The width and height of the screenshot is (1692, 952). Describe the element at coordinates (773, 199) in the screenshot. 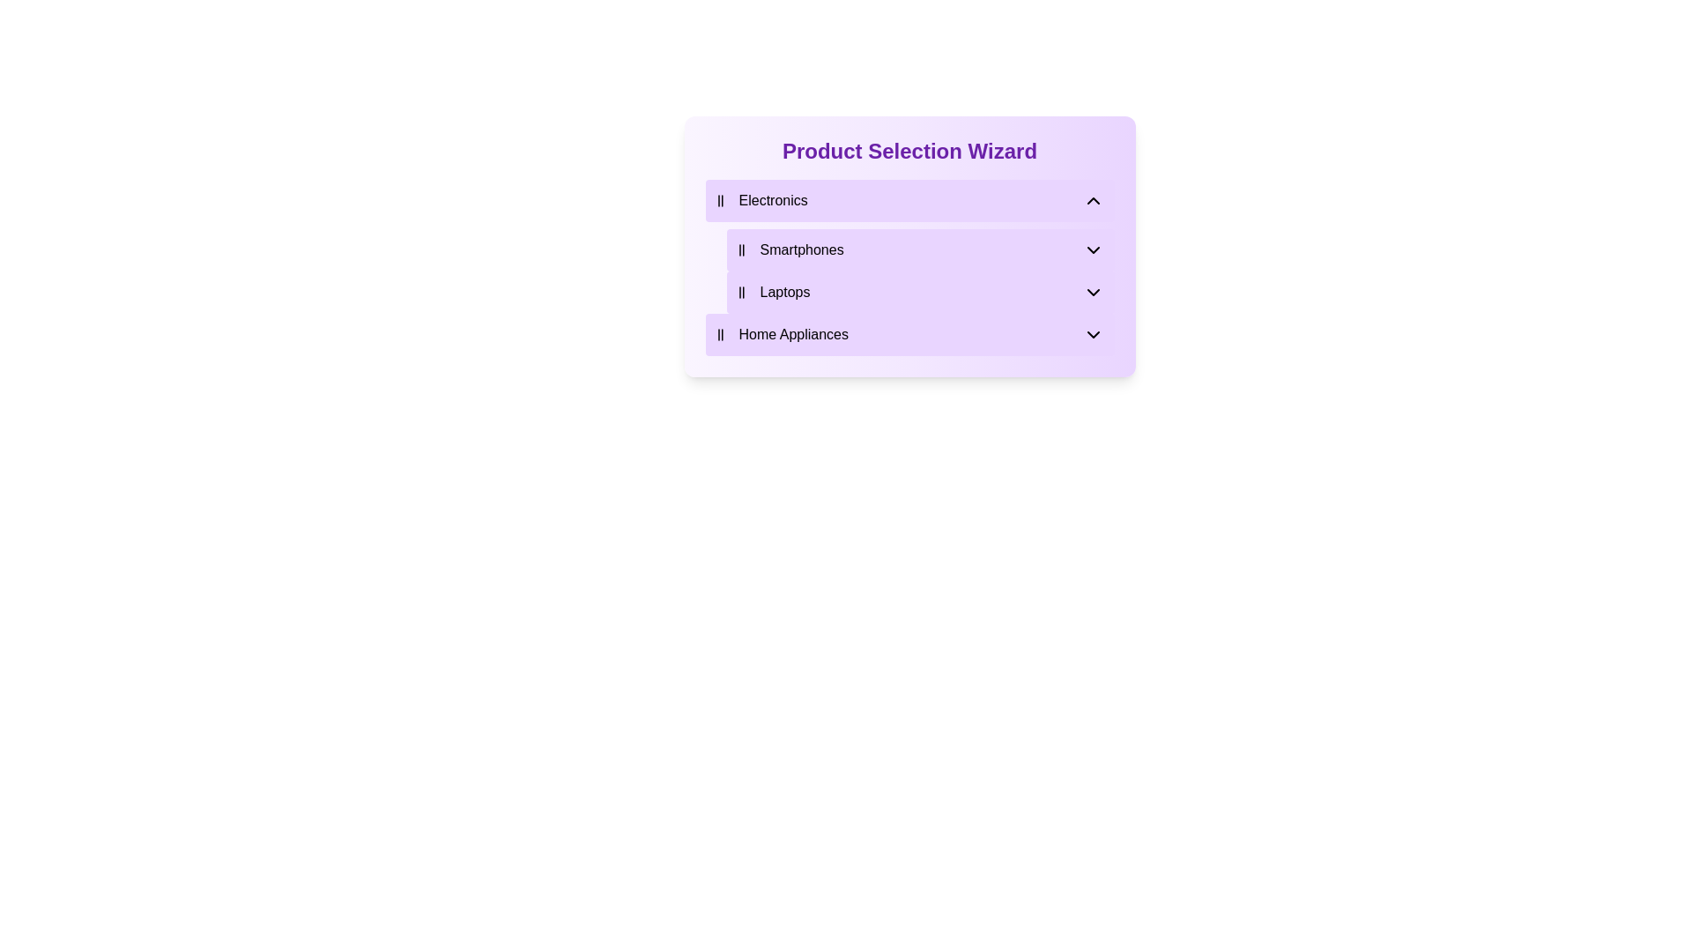

I see `the 'Electronics' text label in the Product Selection Wizard interface, which serves as a descriptive title for the electronics category` at that location.